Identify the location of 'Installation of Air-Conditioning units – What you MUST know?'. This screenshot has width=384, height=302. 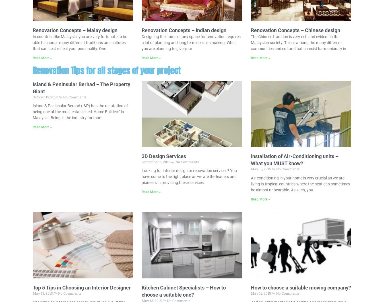
(294, 159).